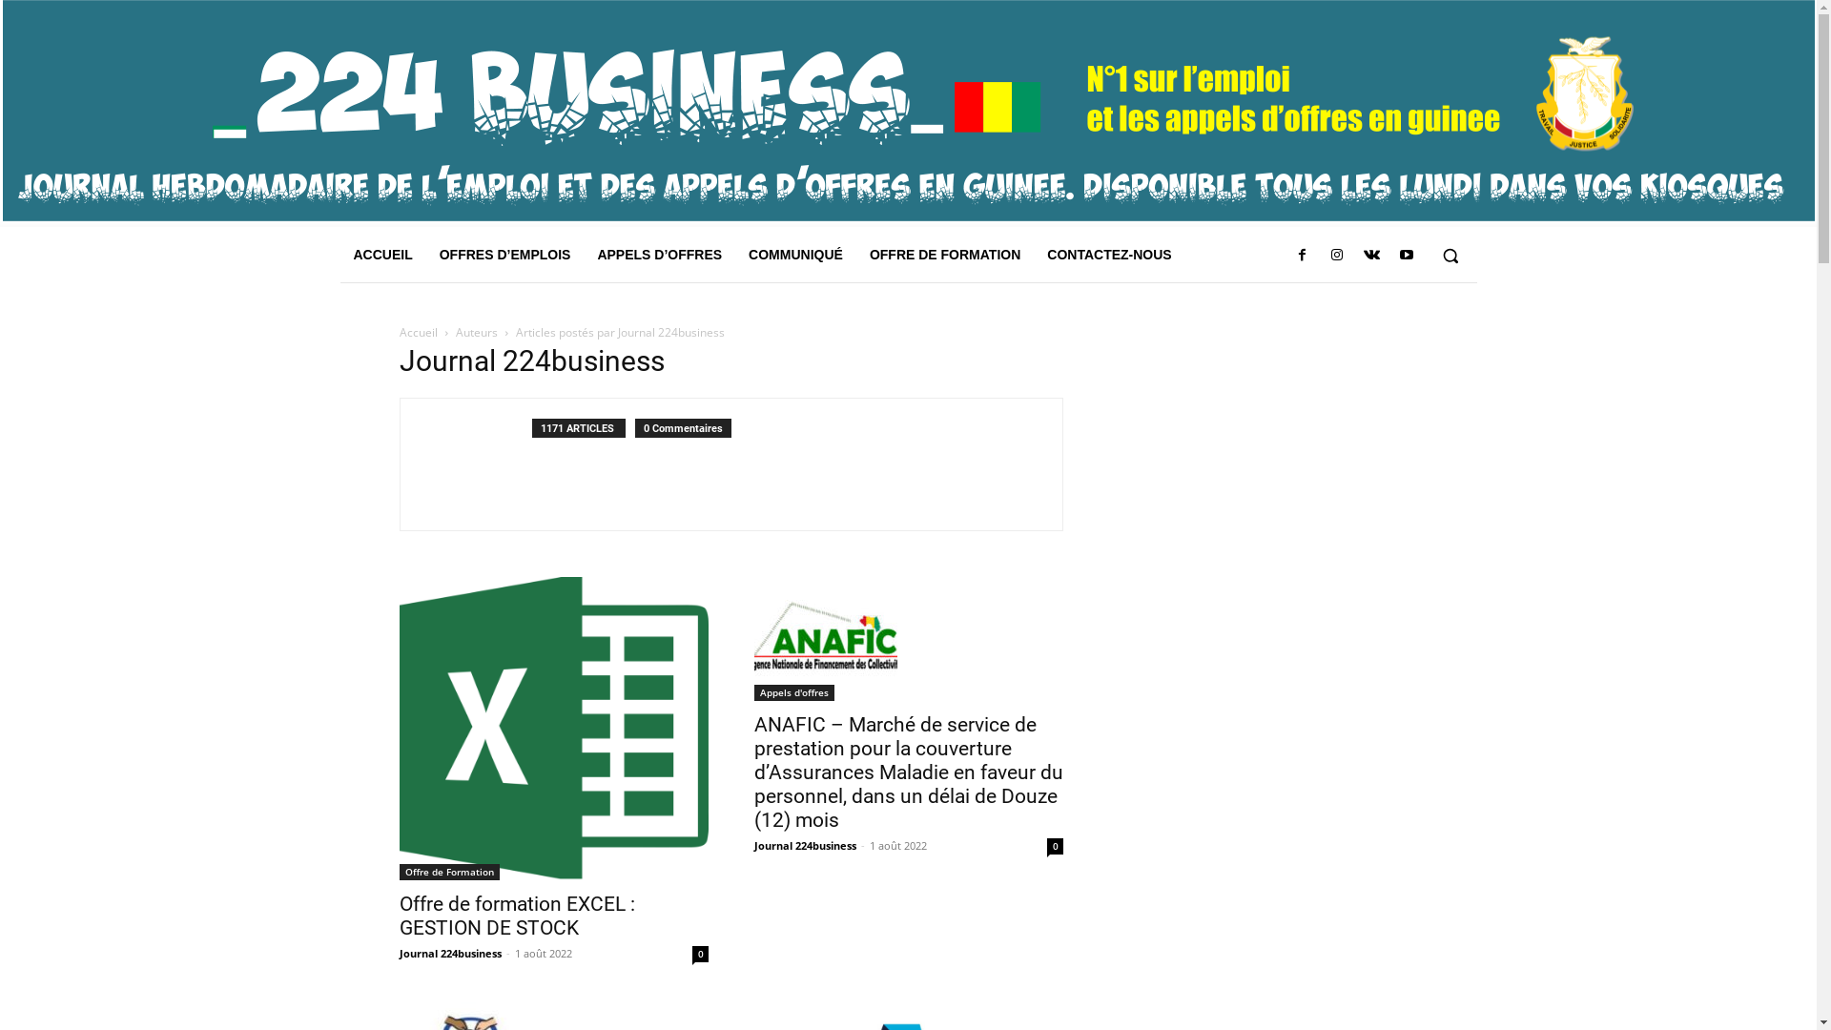 The height and width of the screenshot is (1030, 1831). What do you see at coordinates (1318, 254) in the screenshot?
I see `'Instagram'` at bounding box center [1318, 254].